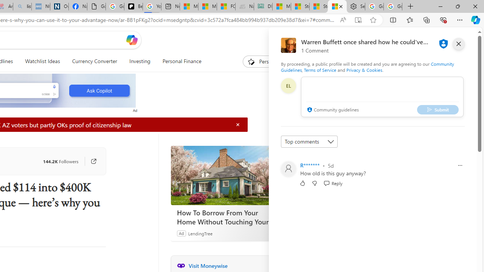 The width and height of the screenshot is (484, 272). What do you see at coordinates (132, 40) in the screenshot?
I see `'Open Copilot'` at bounding box center [132, 40].